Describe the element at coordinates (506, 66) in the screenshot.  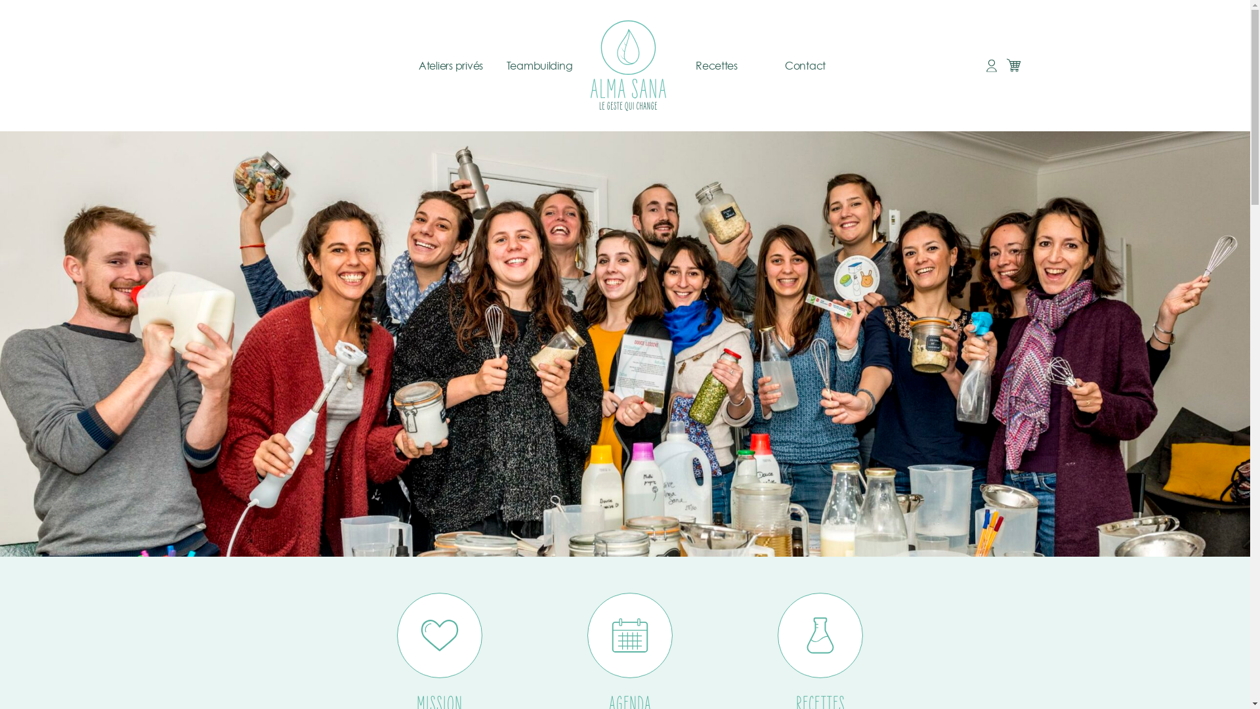
I see `'Teambuilding'` at that location.